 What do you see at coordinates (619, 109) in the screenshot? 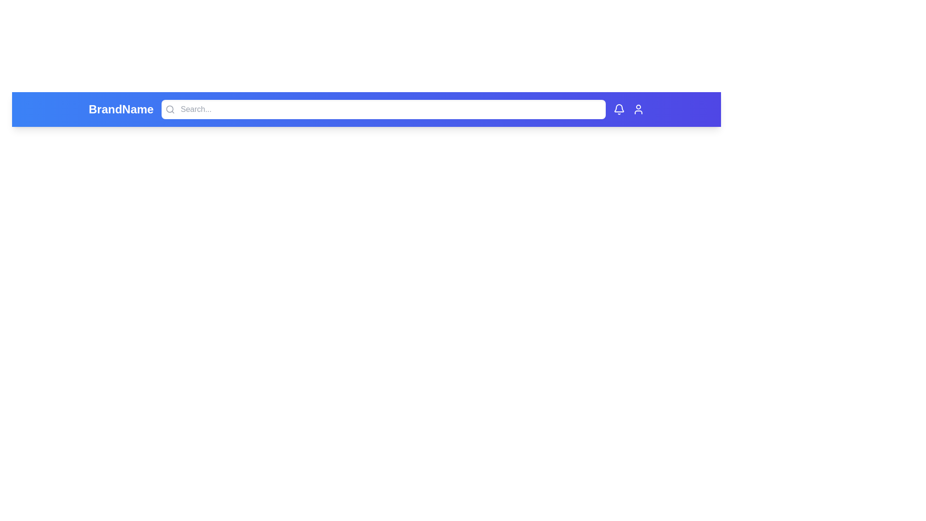
I see `the bell icon in the EnhancedAppBar component` at bounding box center [619, 109].